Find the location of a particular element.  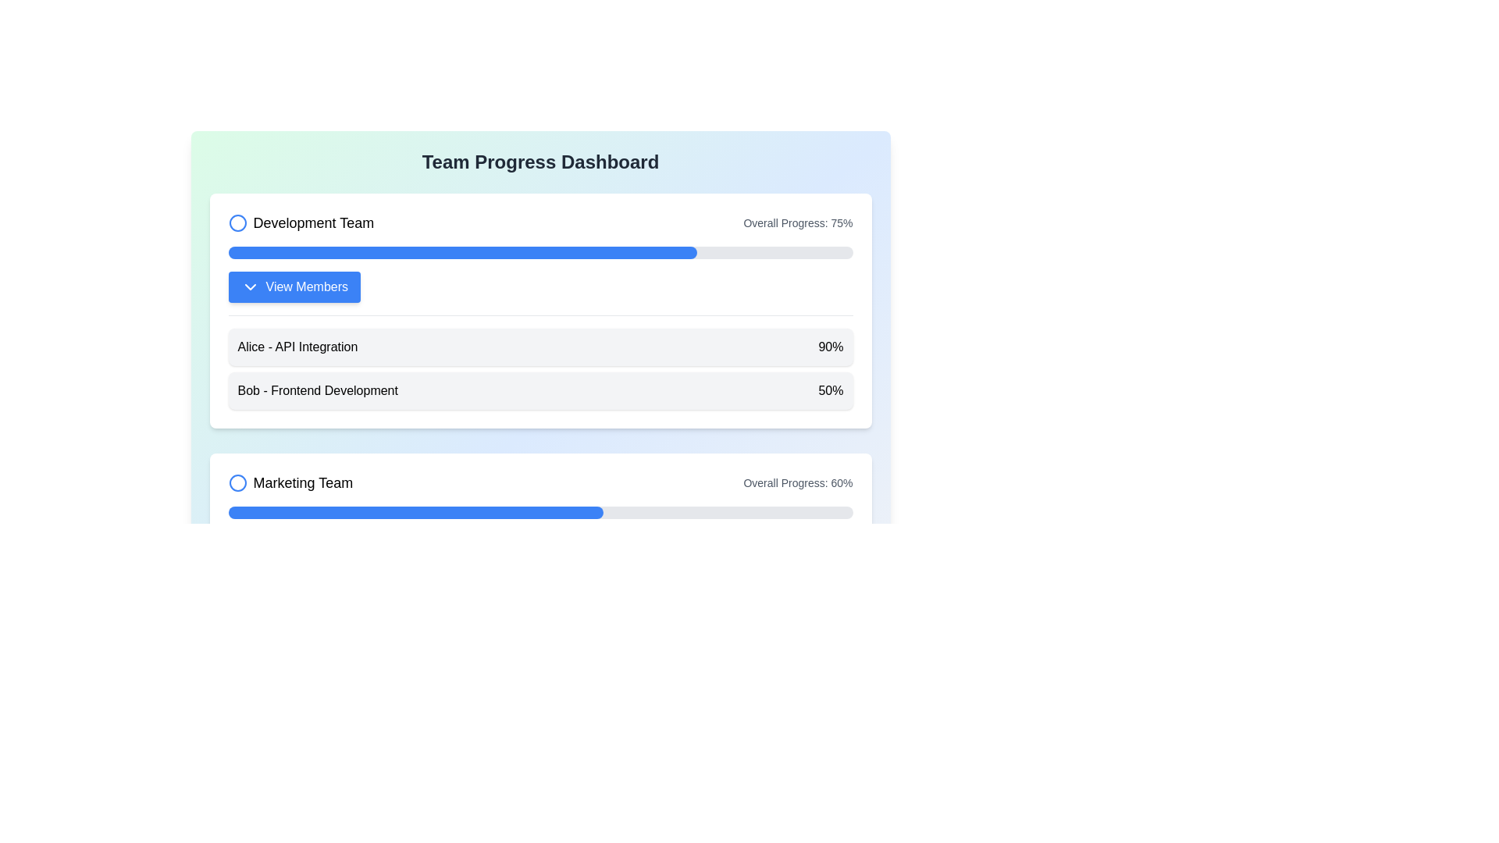

text label displaying '90%' located in the top-right corner of the card associated with 'Alice - API Integration' is located at coordinates (830, 346).